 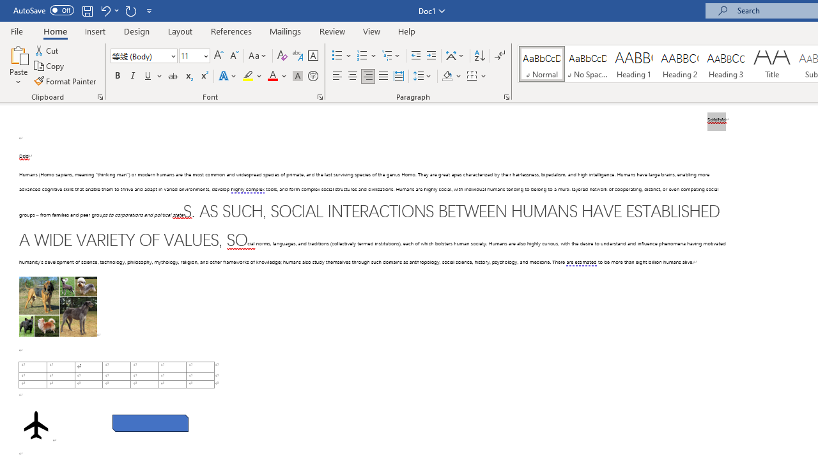 I want to click on 'Airplane with solid fill', so click(x=36, y=425).